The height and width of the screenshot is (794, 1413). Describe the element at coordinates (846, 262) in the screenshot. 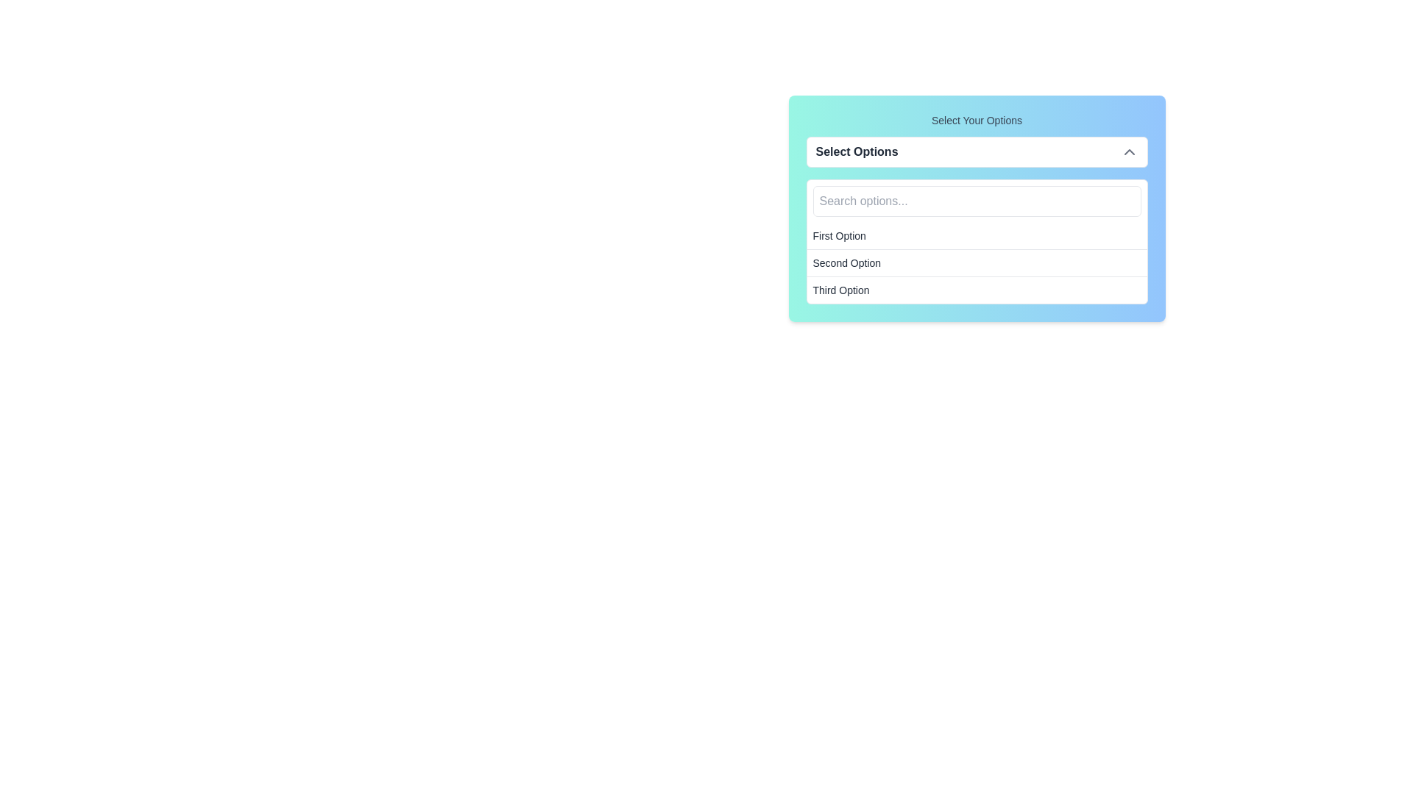

I see `text of the selectable option labeled 'Second Option' in the dropdown menu, which is positioned between 'First Option' and 'Third Option'` at that location.